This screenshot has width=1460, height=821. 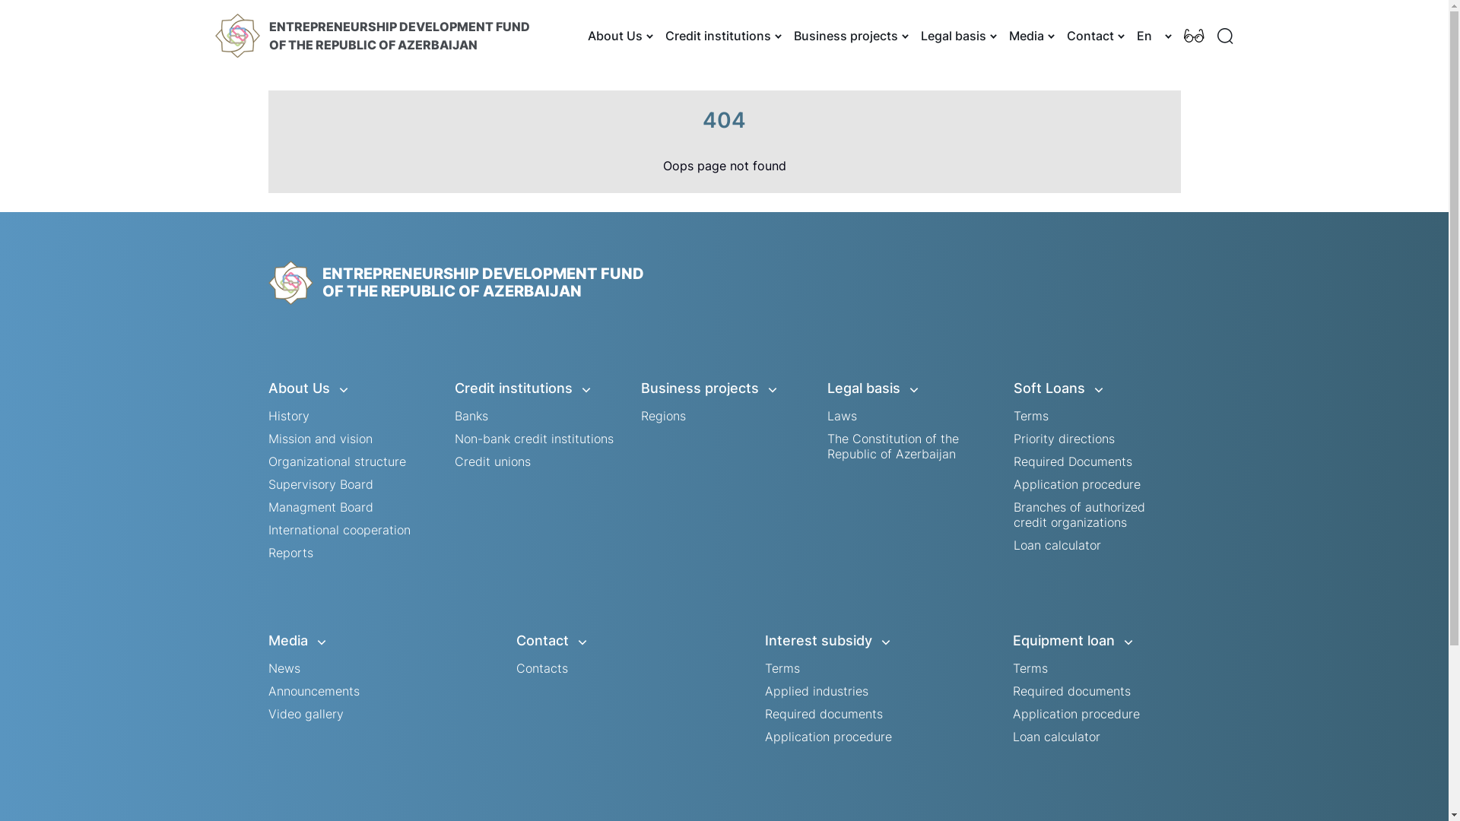 What do you see at coordinates (304, 713) in the screenshot?
I see `'Video gallery'` at bounding box center [304, 713].